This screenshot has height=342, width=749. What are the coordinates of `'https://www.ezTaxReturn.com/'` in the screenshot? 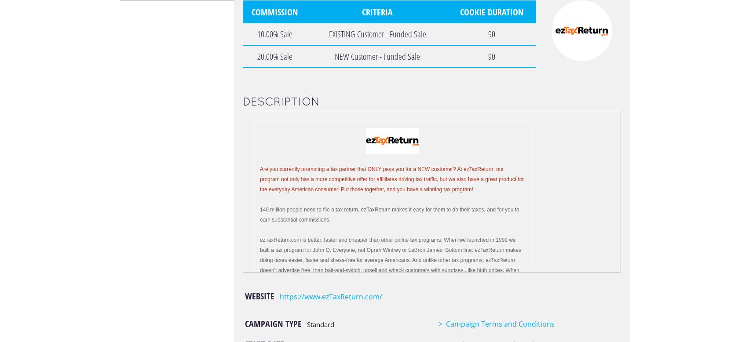 It's located at (330, 296).